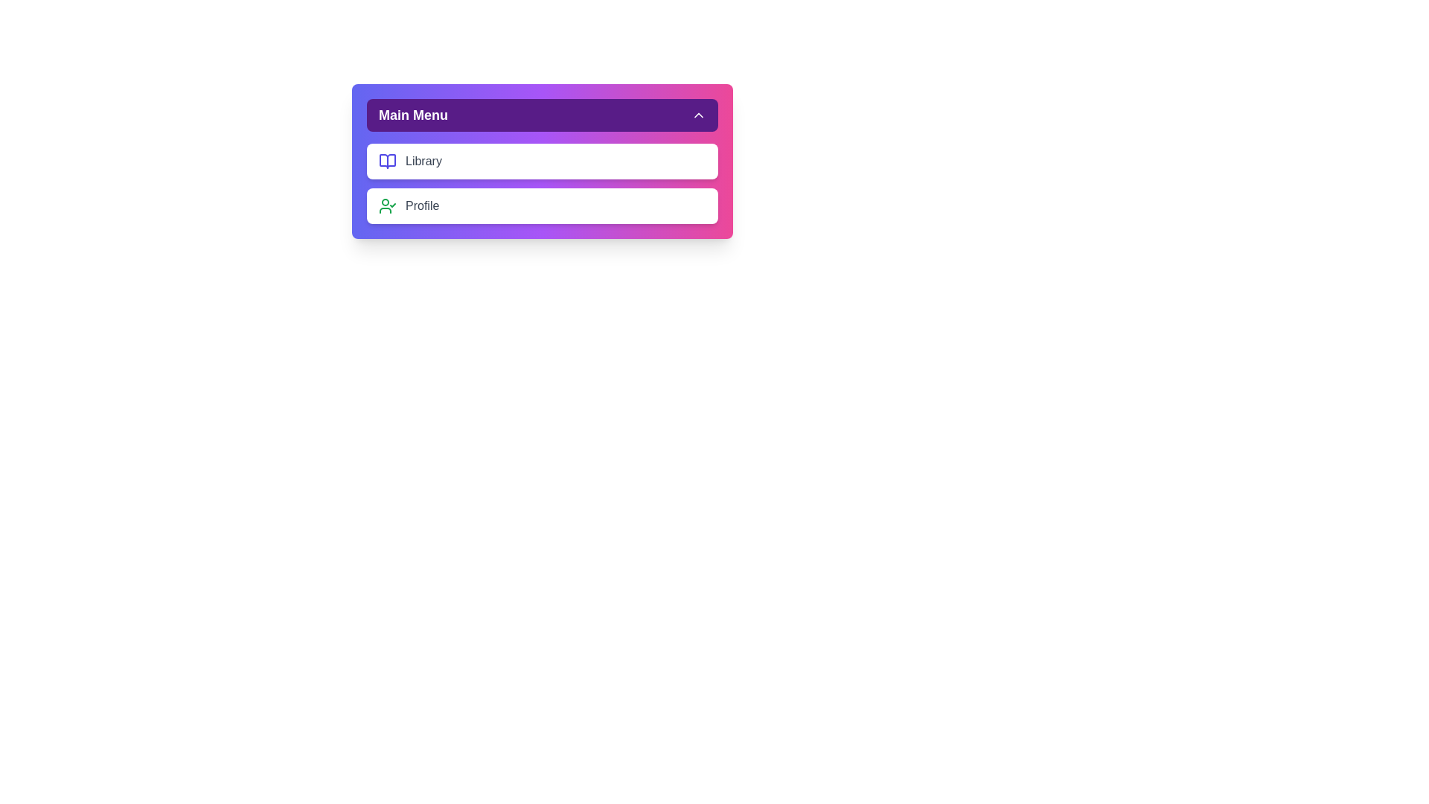 The height and width of the screenshot is (804, 1429). Describe the element at coordinates (388, 161) in the screenshot. I see `the indigo book icon located to the left of the 'Library' label within the white rectangular button in the main menu` at that location.